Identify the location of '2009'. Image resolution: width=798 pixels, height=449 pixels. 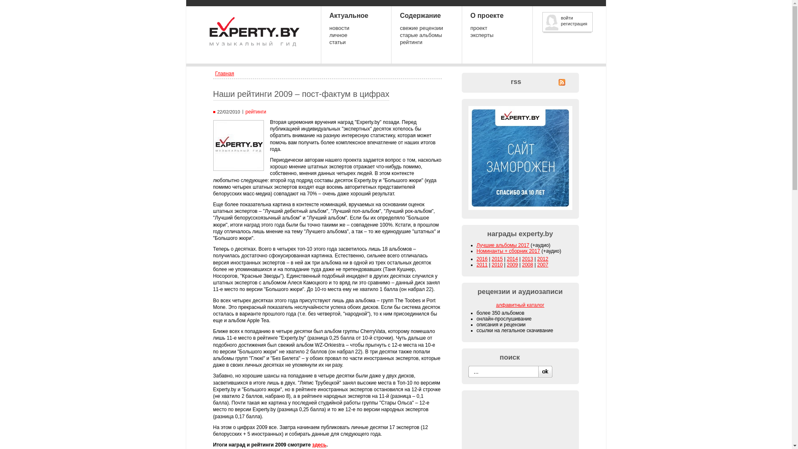
(512, 264).